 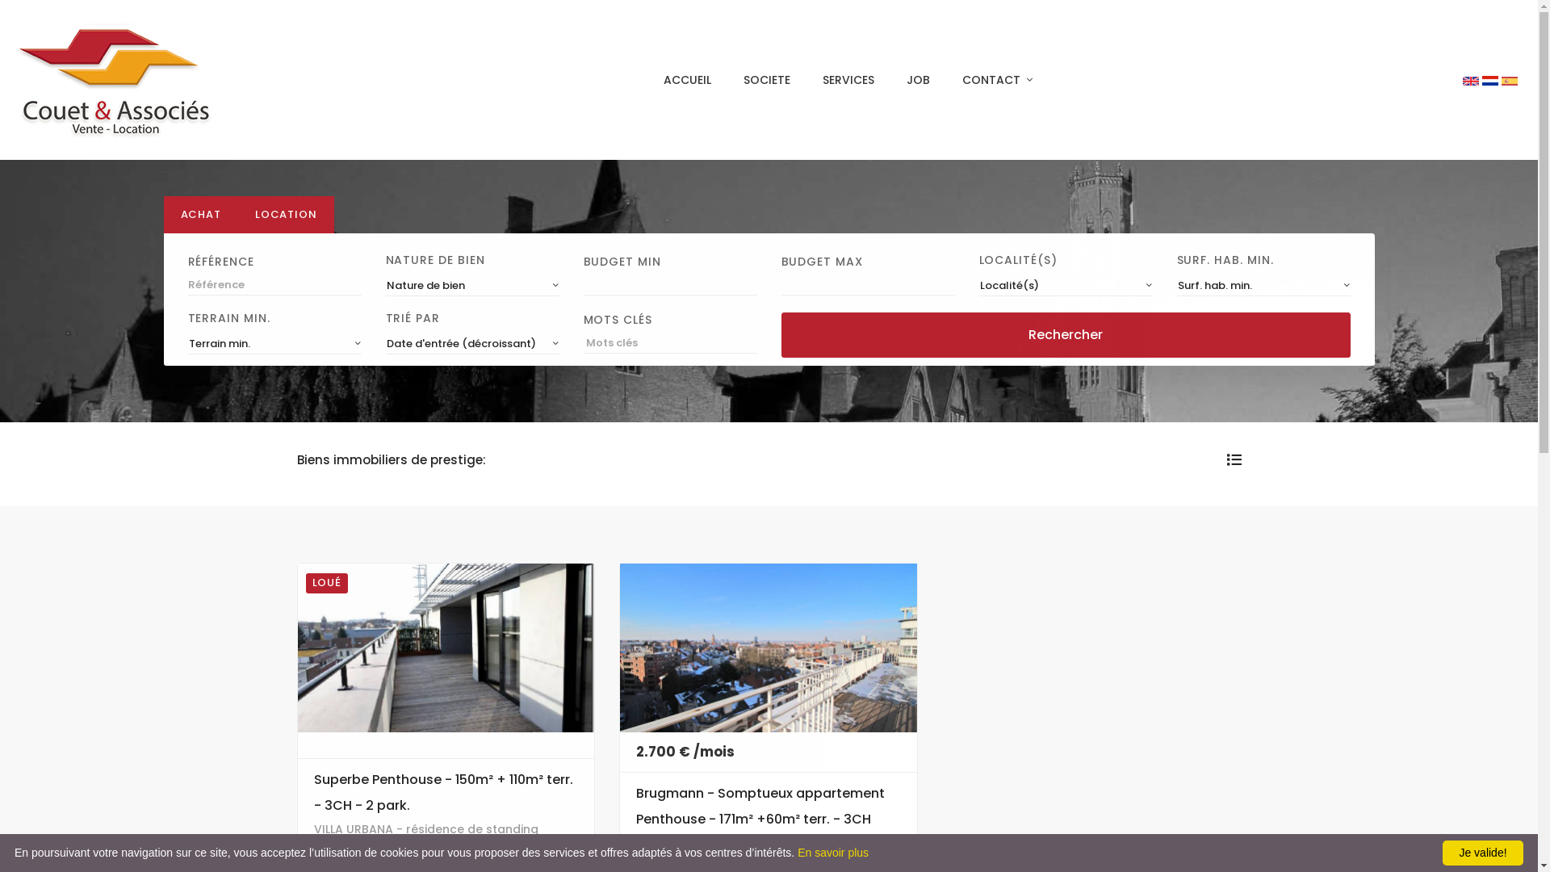 What do you see at coordinates (286, 214) in the screenshot?
I see `'LOCATION'` at bounding box center [286, 214].